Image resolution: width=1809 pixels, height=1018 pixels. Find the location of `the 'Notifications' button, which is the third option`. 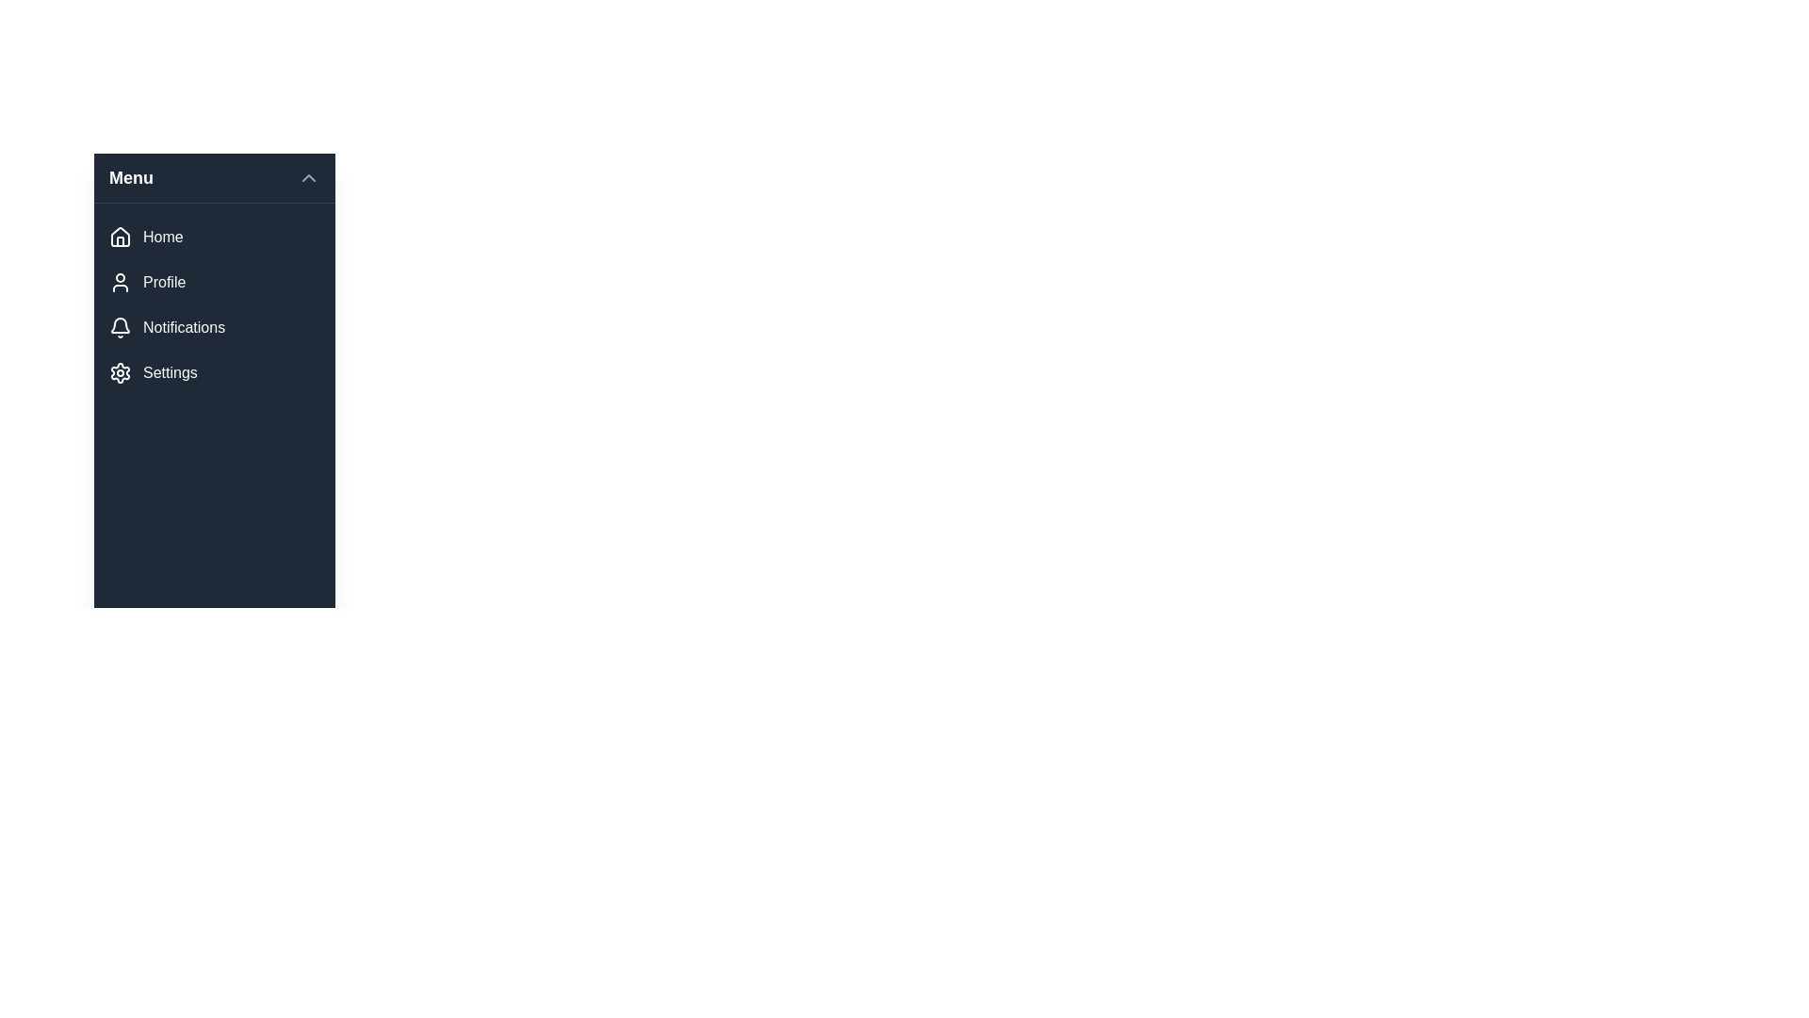

the 'Notifications' button, which is the third option is located at coordinates (214, 326).